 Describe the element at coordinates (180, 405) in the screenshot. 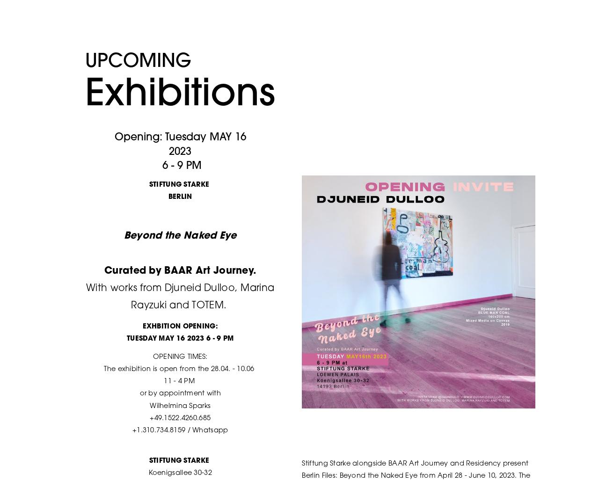

I see `'Wilhelmina Sparks'` at that location.